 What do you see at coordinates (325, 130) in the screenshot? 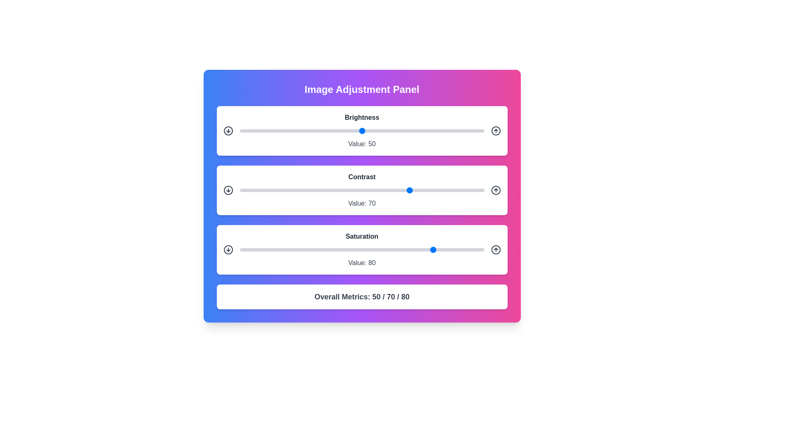
I see `brightness` at bounding box center [325, 130].